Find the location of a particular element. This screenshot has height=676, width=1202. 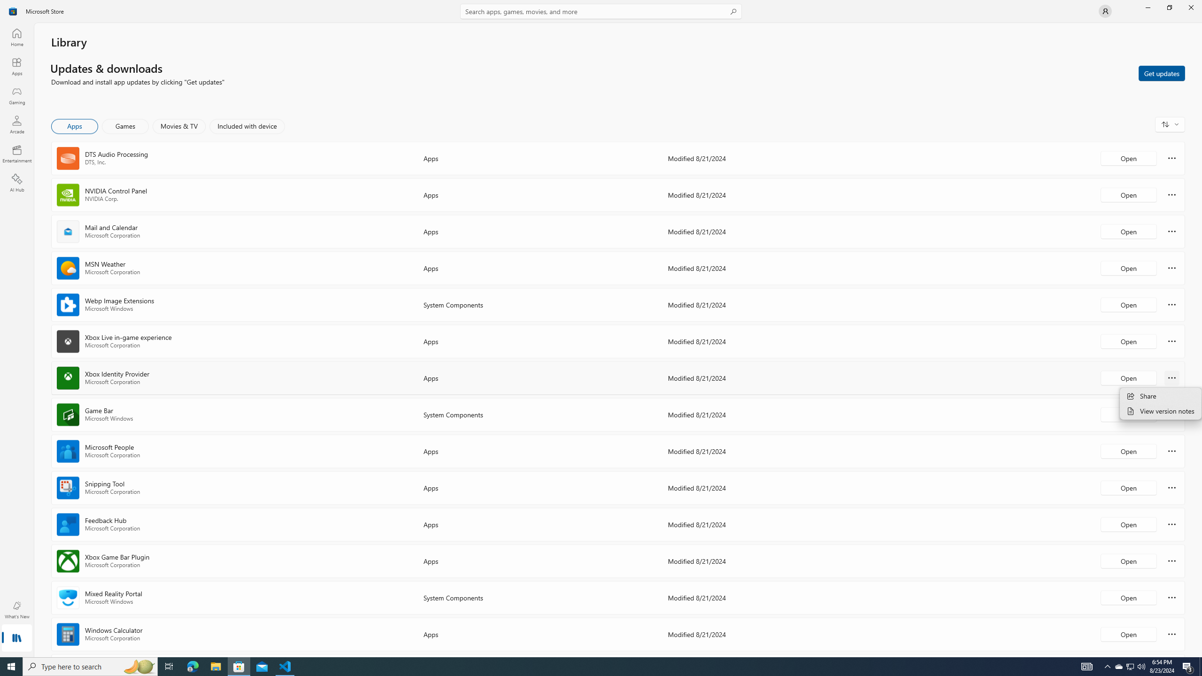

'More options' is located at coordinates (1171, 633).